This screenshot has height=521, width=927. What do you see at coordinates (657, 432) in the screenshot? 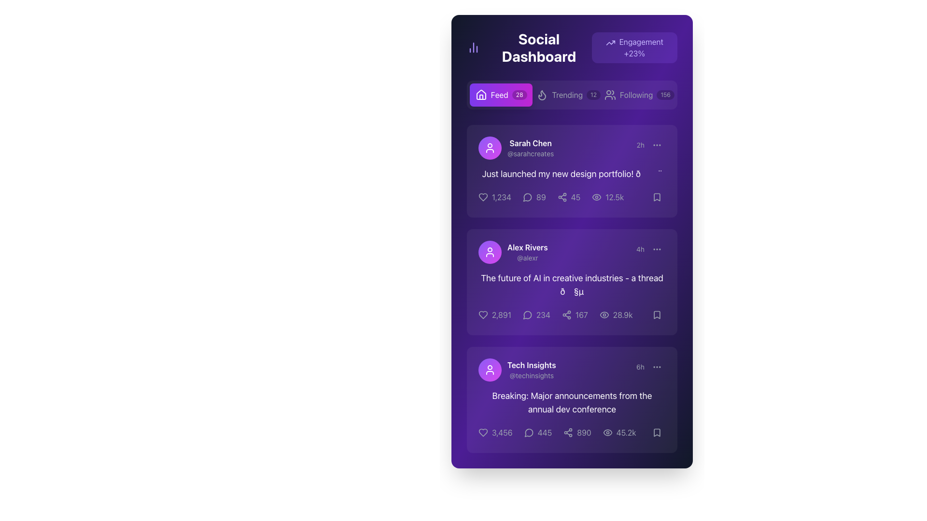
I see `the minimalist white bookmark icon` at bounding box center [657, 432].